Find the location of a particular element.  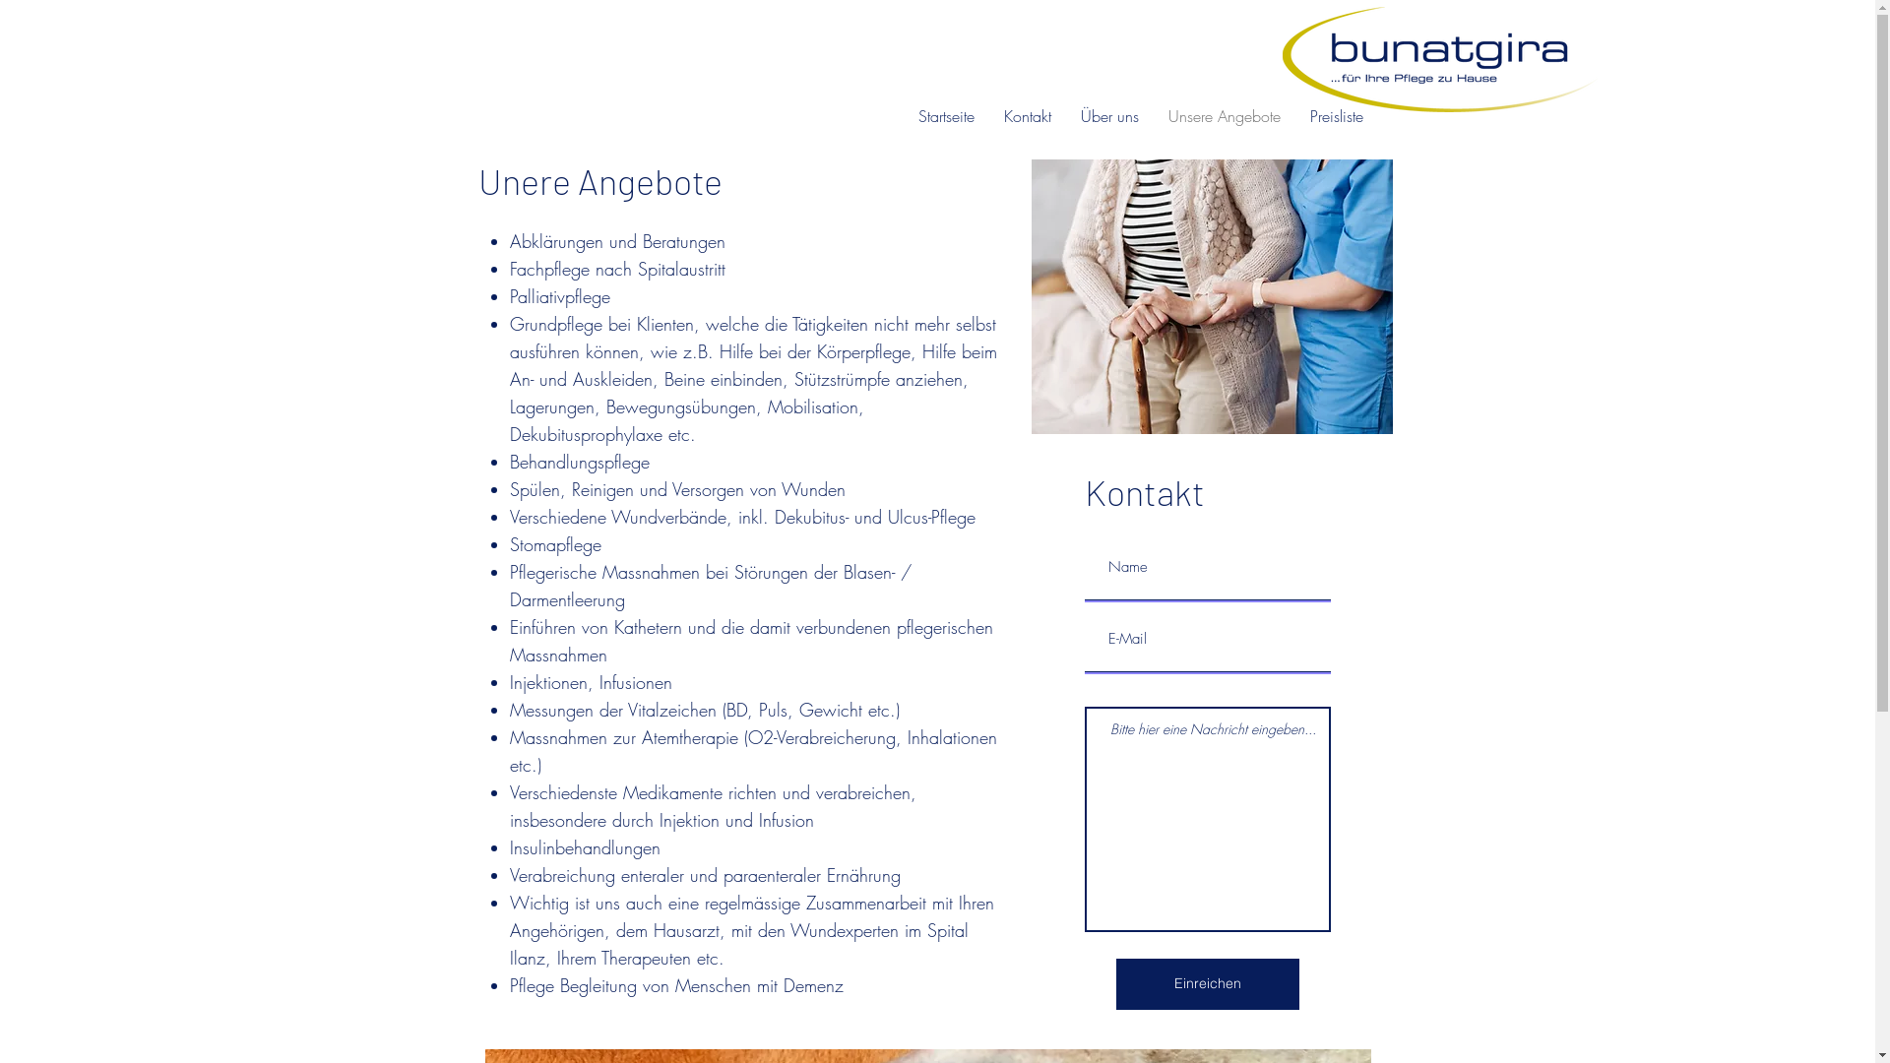

'Kontakt' is located at coordinates (988, 116).